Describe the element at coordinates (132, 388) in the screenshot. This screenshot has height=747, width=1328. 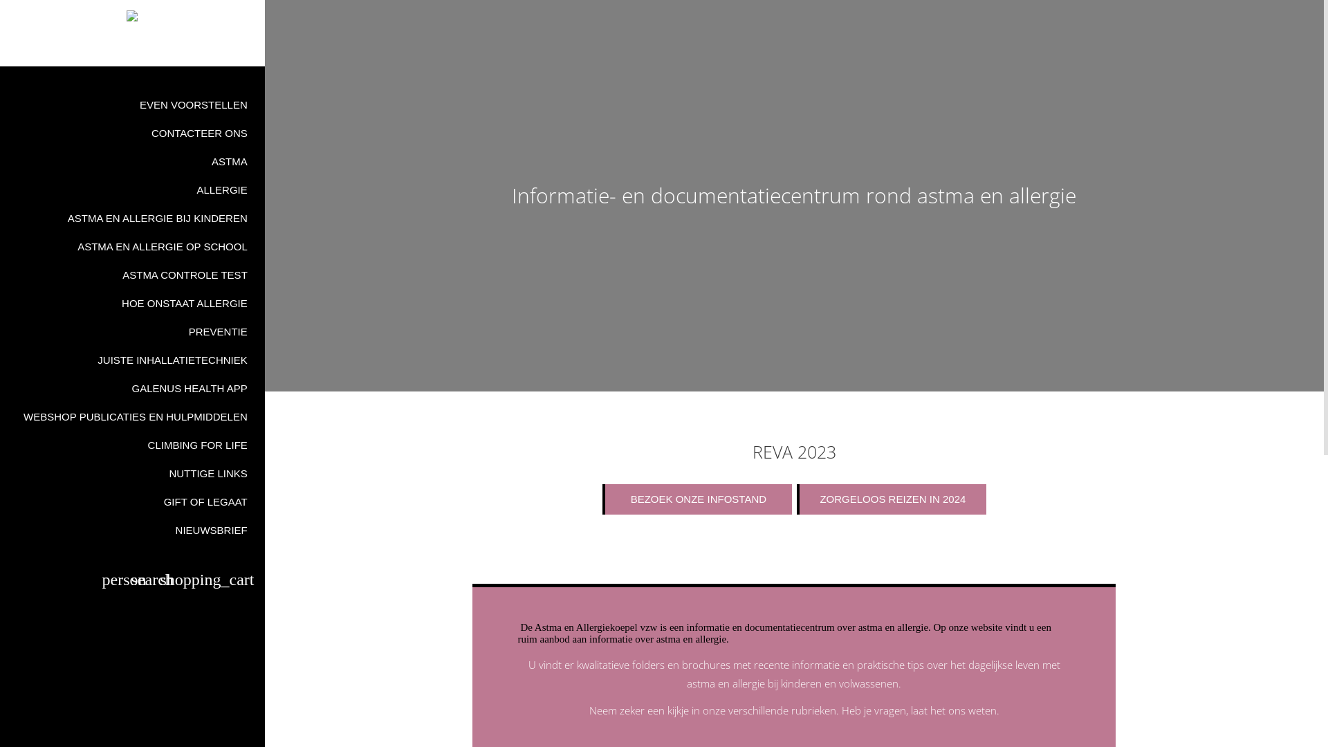
I see `'GALENUS HEALTH APP'` at that location.